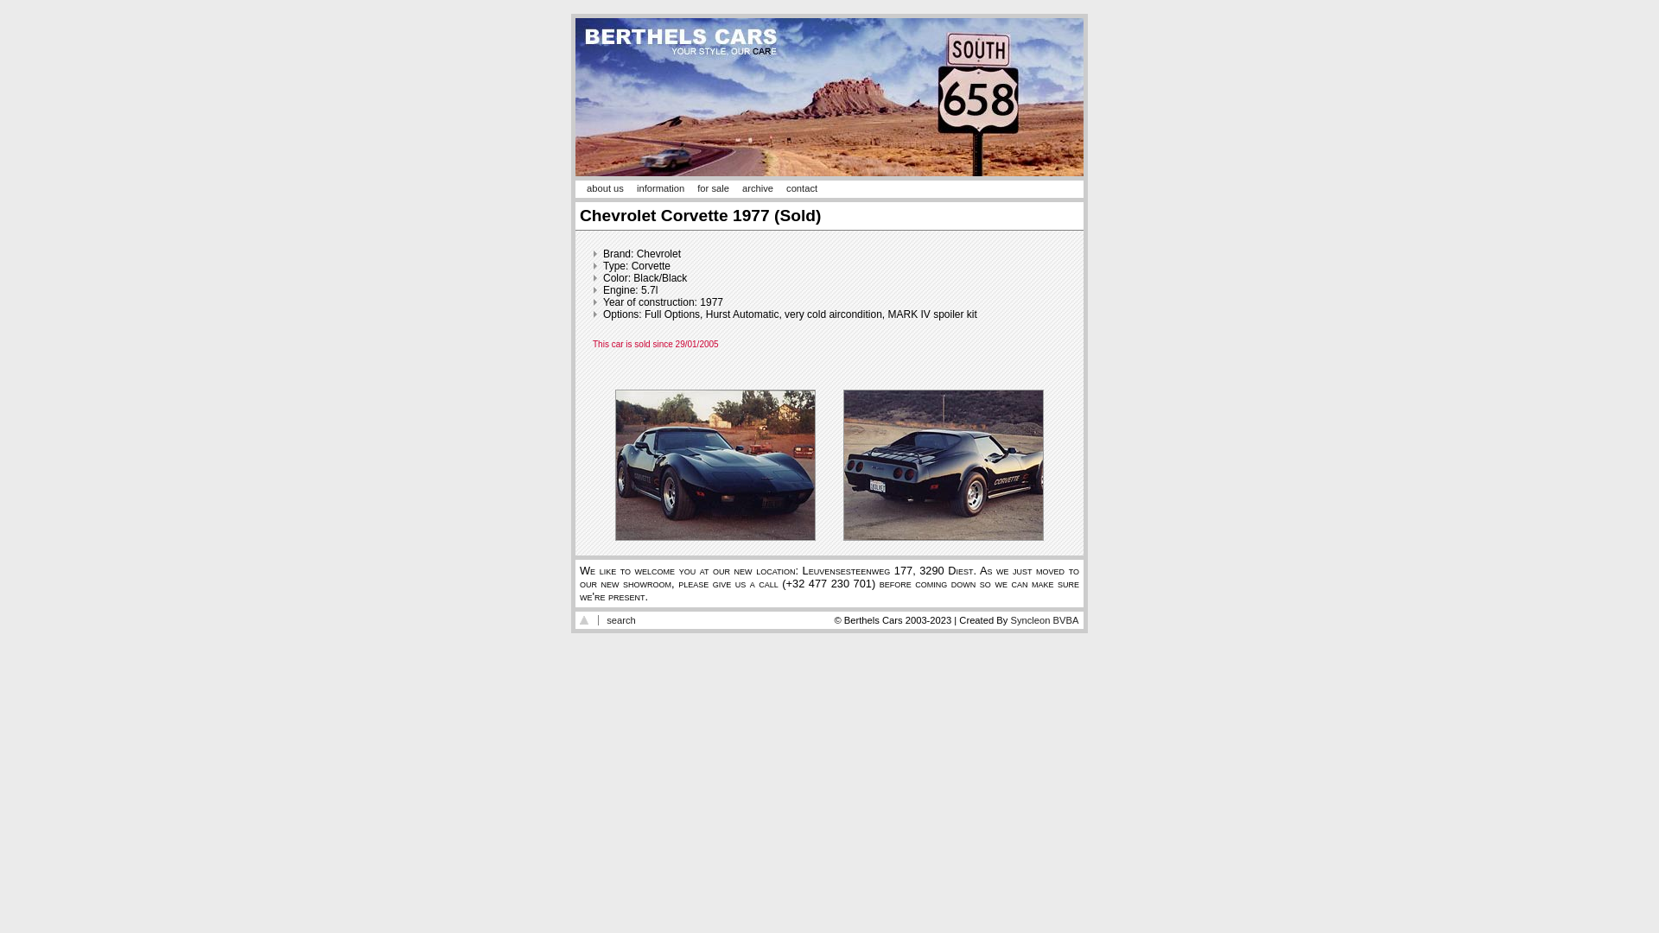 This screenshot has width=1659, height=933. Describe the element at coordinates (800, 188) in the screenshot. I see `'contact'` at that location.